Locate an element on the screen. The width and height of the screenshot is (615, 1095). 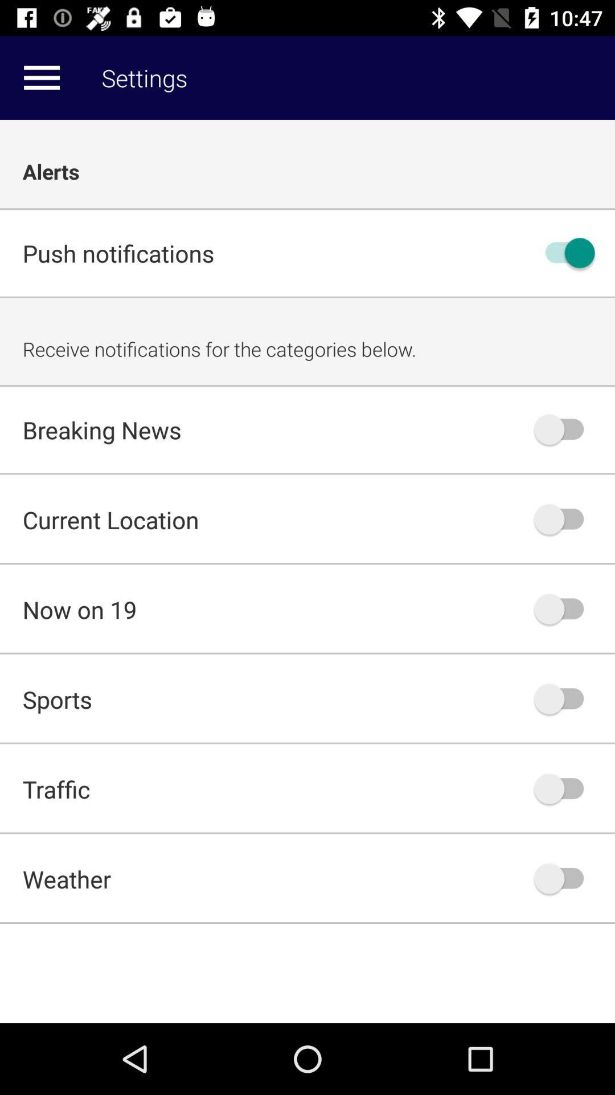
app above the alerts item is located at coordinates (41, 77).